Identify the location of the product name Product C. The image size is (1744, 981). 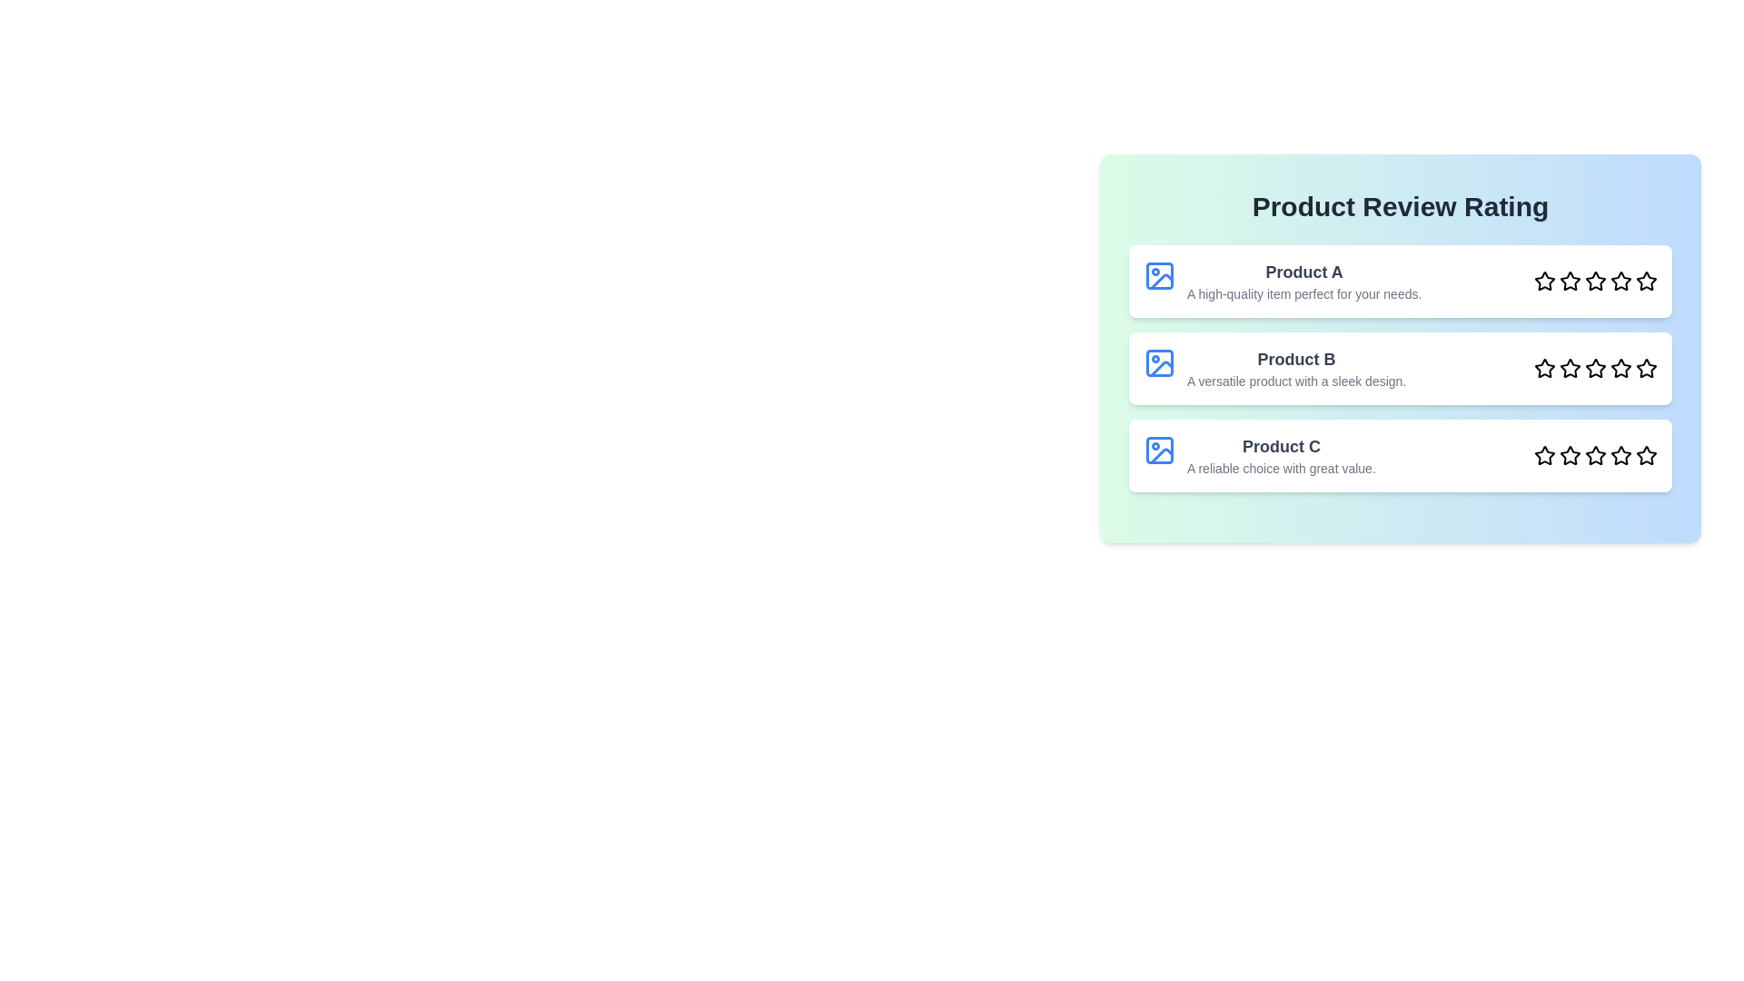
(1281, 447).